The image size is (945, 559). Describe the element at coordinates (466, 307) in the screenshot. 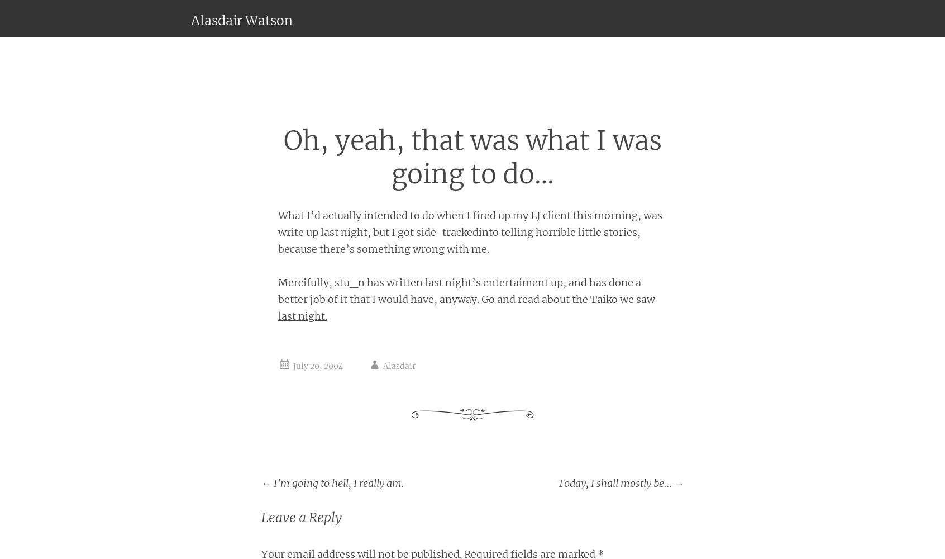

I see `'Go and read about the Taiko we saw last night.'` at that location.